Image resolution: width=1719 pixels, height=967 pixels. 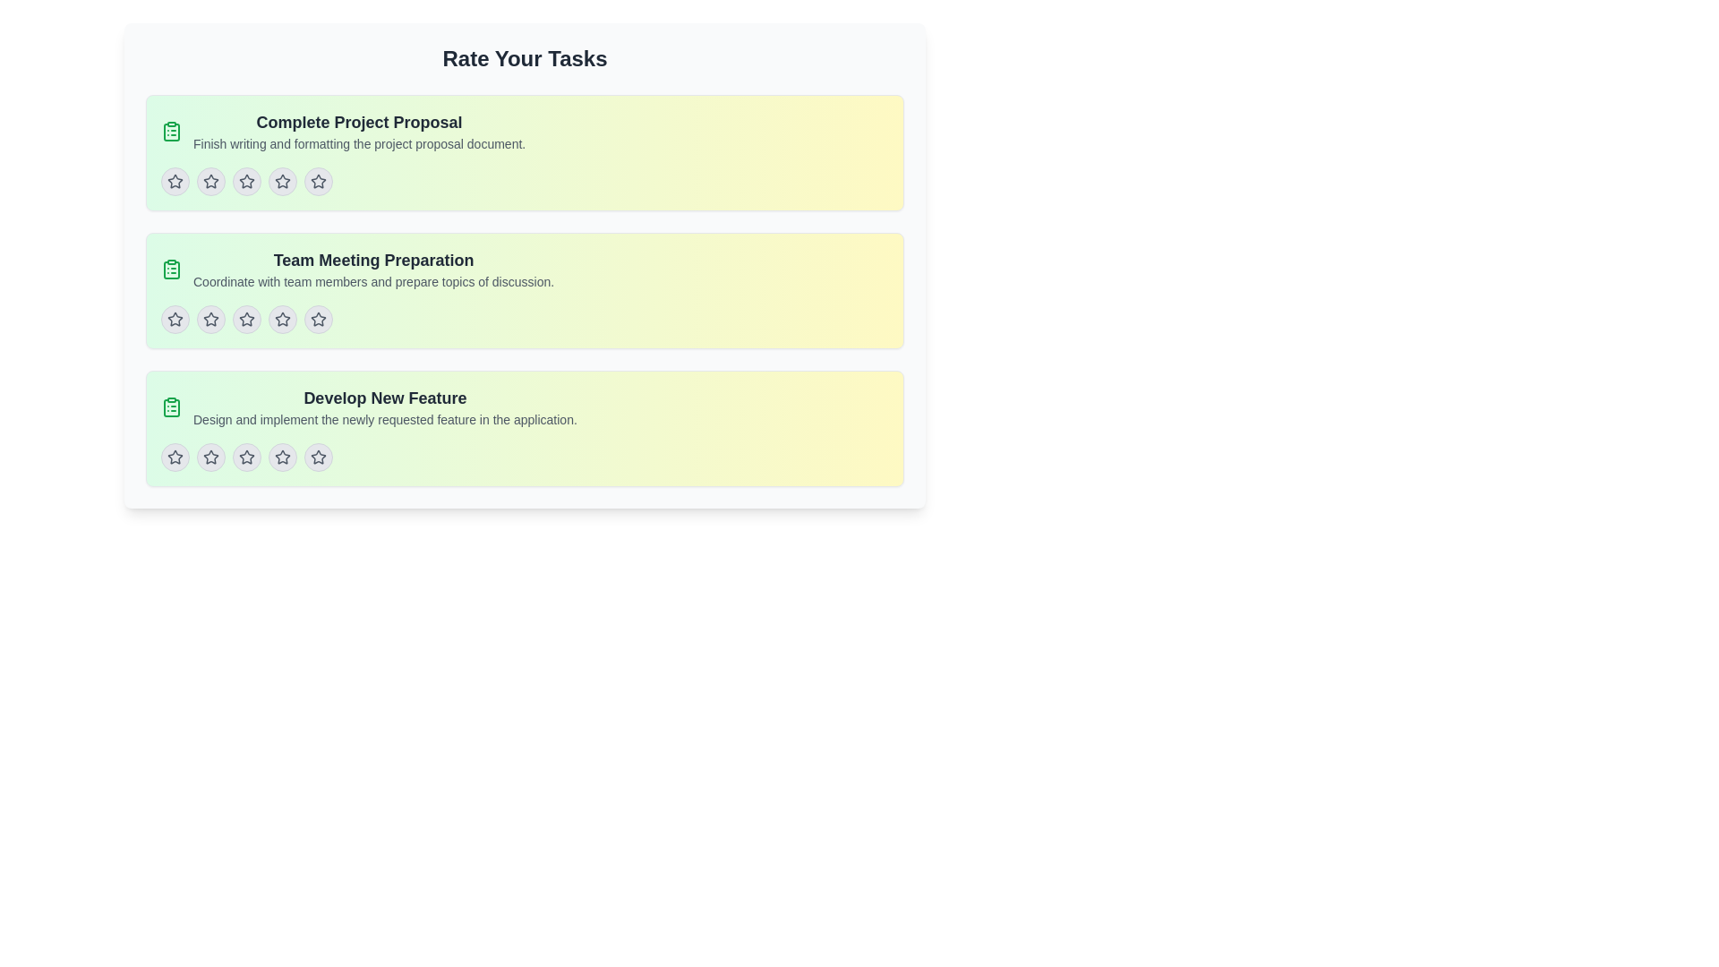 What do you see at coordinates (245, 456) in the screenshot?
I see `the circular gray button with a star icon located in the third row under the task 'Develop New Feature'` at bounding box center [245, 456].